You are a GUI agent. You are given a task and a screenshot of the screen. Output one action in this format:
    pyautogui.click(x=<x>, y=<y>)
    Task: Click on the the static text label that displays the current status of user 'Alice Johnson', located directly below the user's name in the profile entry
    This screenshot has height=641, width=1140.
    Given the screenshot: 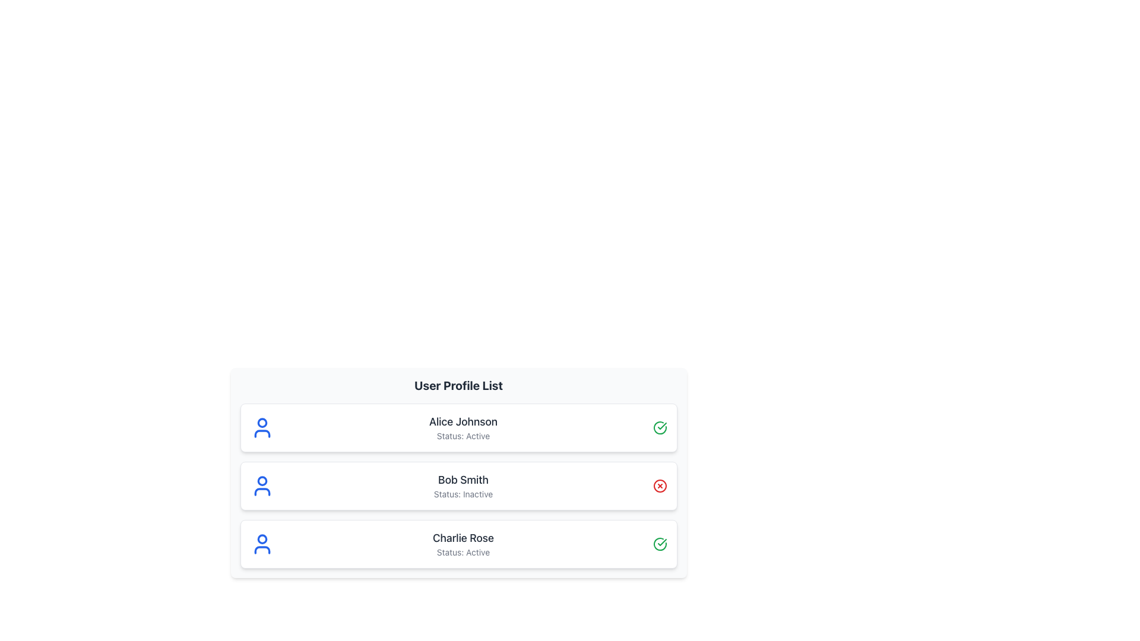 What is the action you would take?
    pyautogui.click(x=463, y=436)
    